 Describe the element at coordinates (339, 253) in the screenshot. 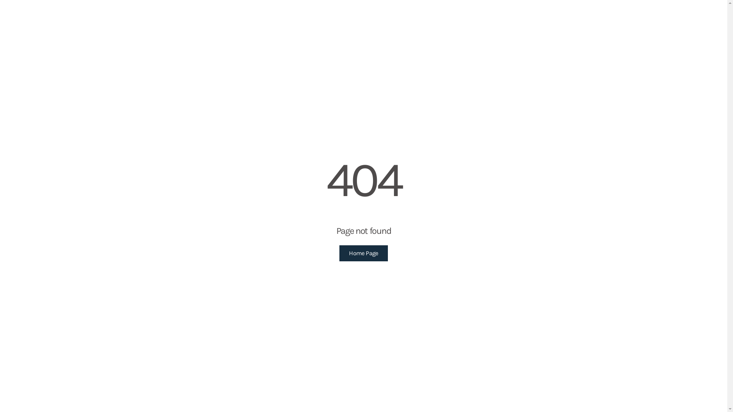

I see `'Home Page'` at that location.